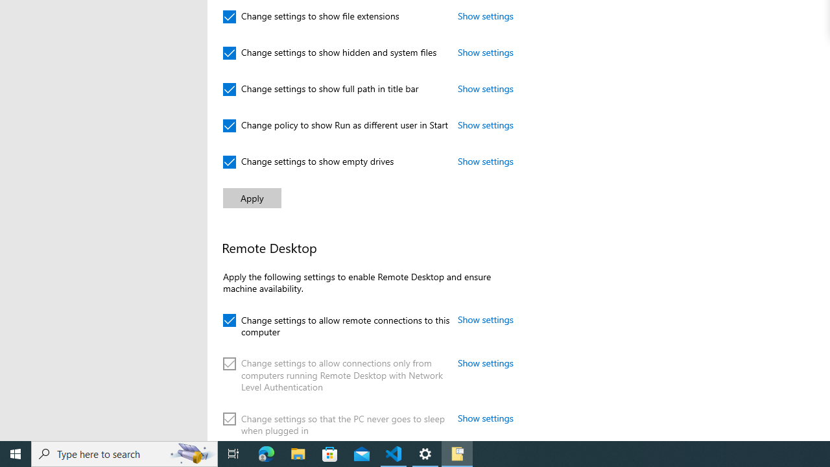 Image resolution: width=830 pixels, height=467 pixels. What do you see at coordinates (233, 453) in the screenshot?
I see `'Task View'` at bounding box center [233, 453].